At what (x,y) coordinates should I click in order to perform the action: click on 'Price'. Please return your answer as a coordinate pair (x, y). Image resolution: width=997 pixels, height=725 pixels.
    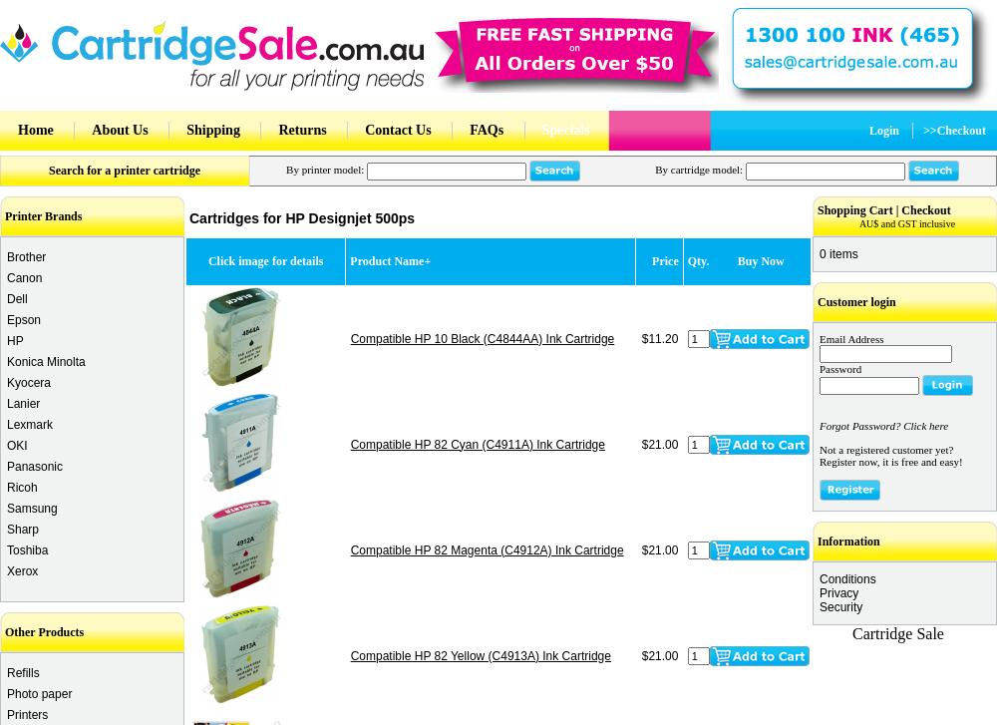
    Looking at the image, I should click on (665, 261).